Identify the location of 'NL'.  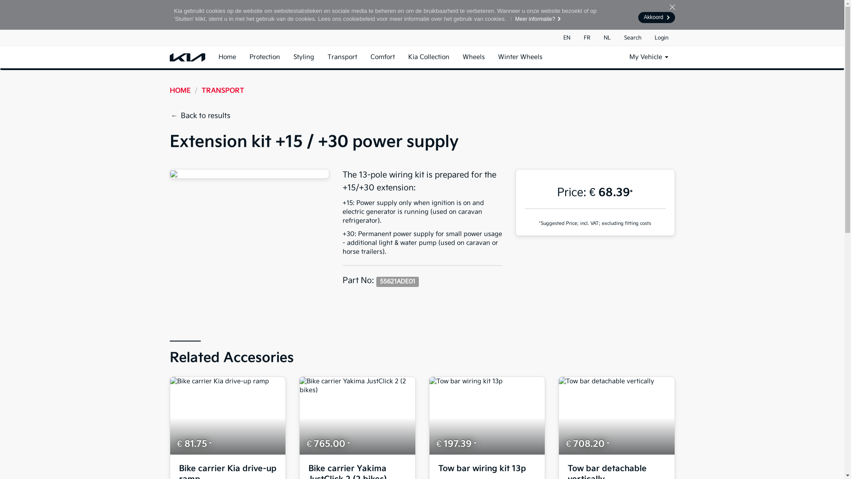
(606, 37).